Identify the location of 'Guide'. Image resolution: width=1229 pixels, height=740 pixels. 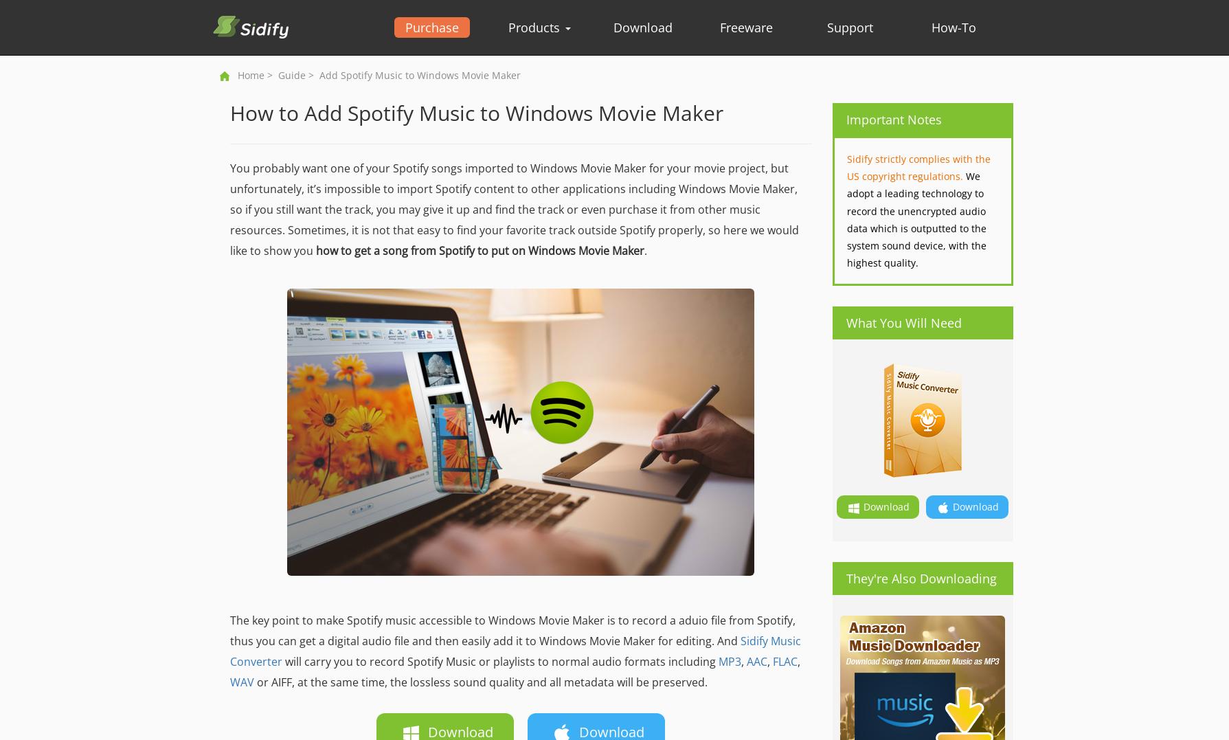
(290, 74).